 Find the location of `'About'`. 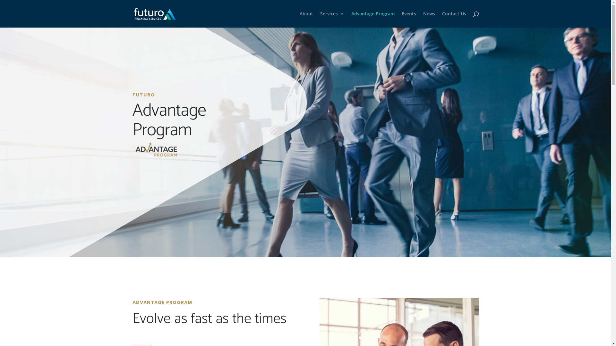

'About' is located at coordinates (306, 19).